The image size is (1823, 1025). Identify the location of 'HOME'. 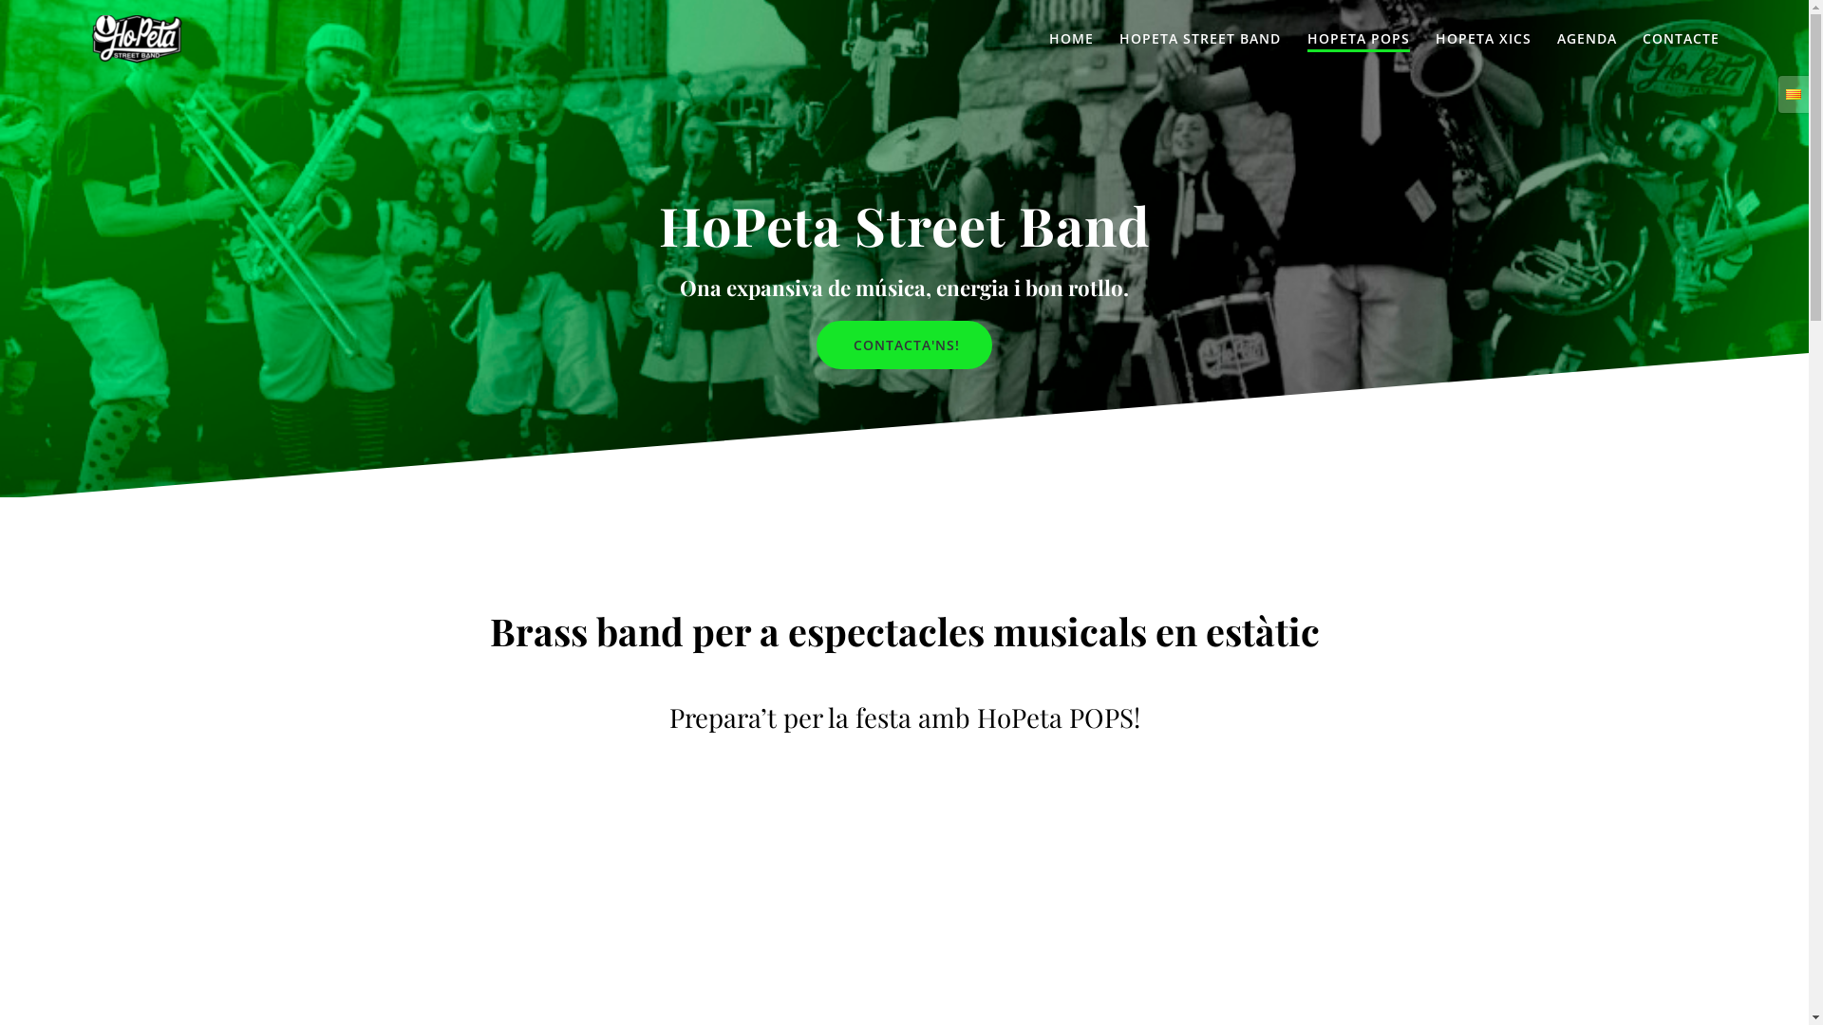
(1047, 40).